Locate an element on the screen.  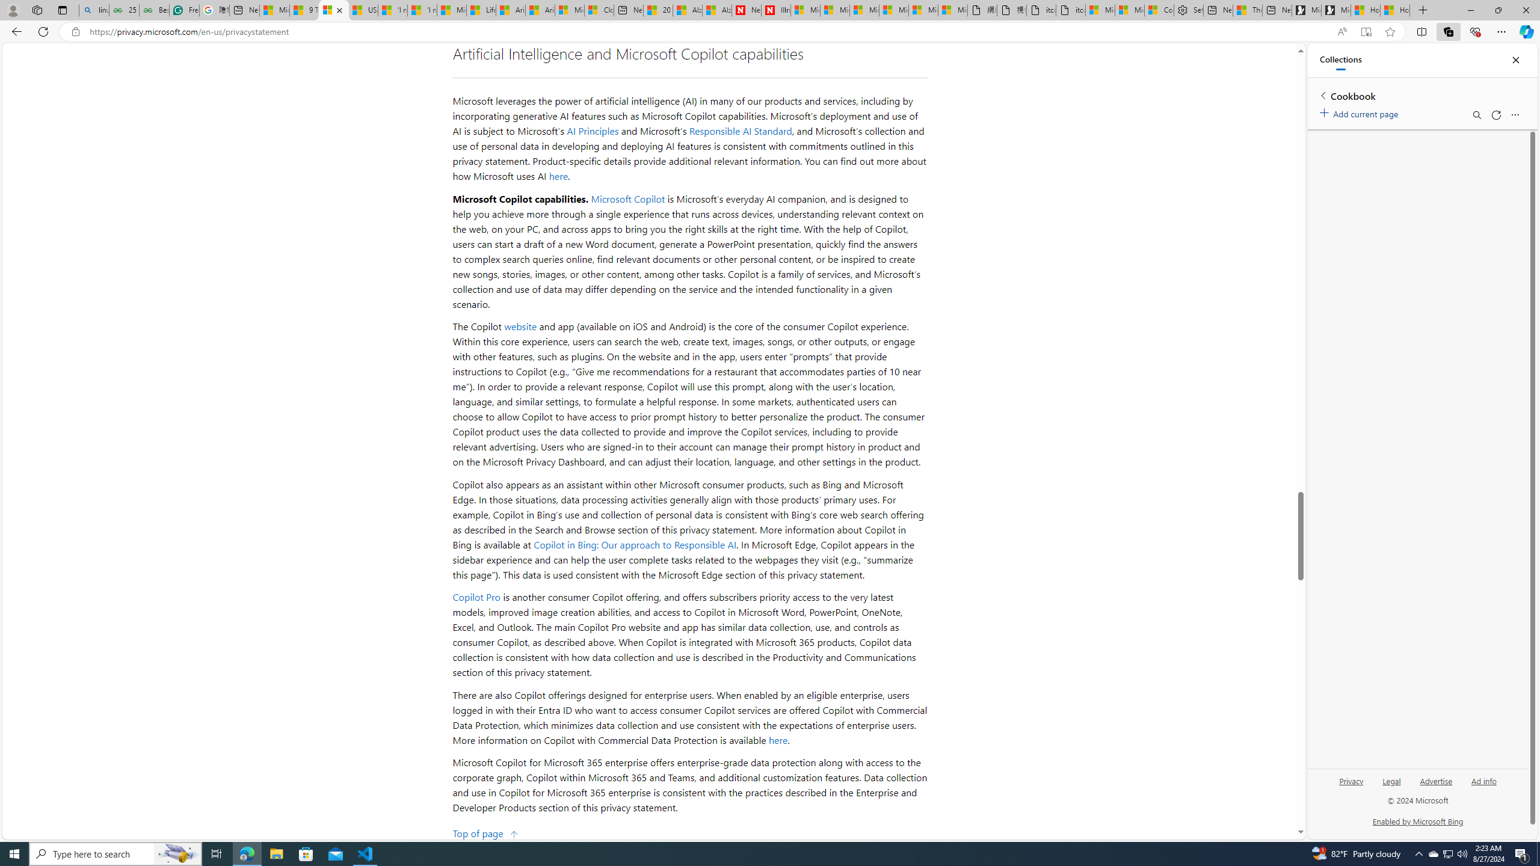
'20 Ways to Boost Your Protein Intake at Every Meal' is located at coordinates (657, 10).